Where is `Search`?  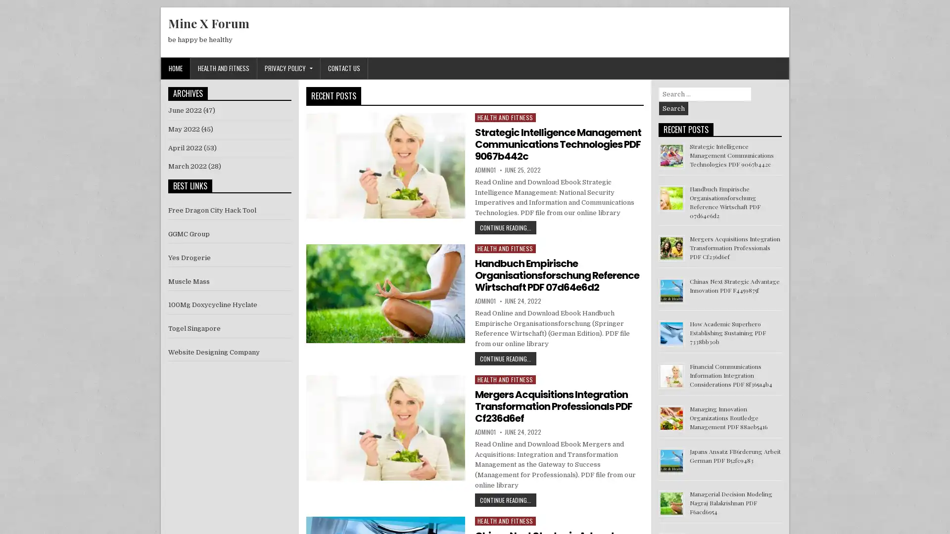
Search is located at coordinates (673, 108).